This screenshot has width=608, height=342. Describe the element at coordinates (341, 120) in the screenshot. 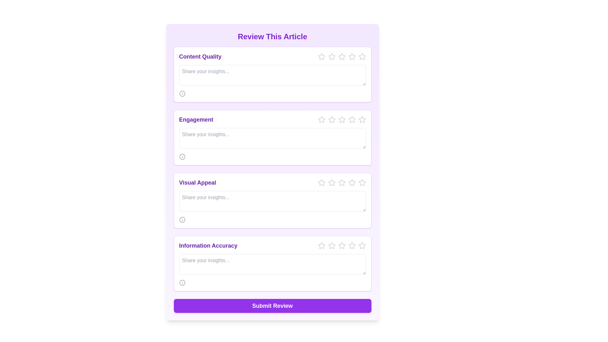

I see `the third star icon in the Rating Star Icon component located in the 'Engagement' section of the 'Review This Article' form` at that location.